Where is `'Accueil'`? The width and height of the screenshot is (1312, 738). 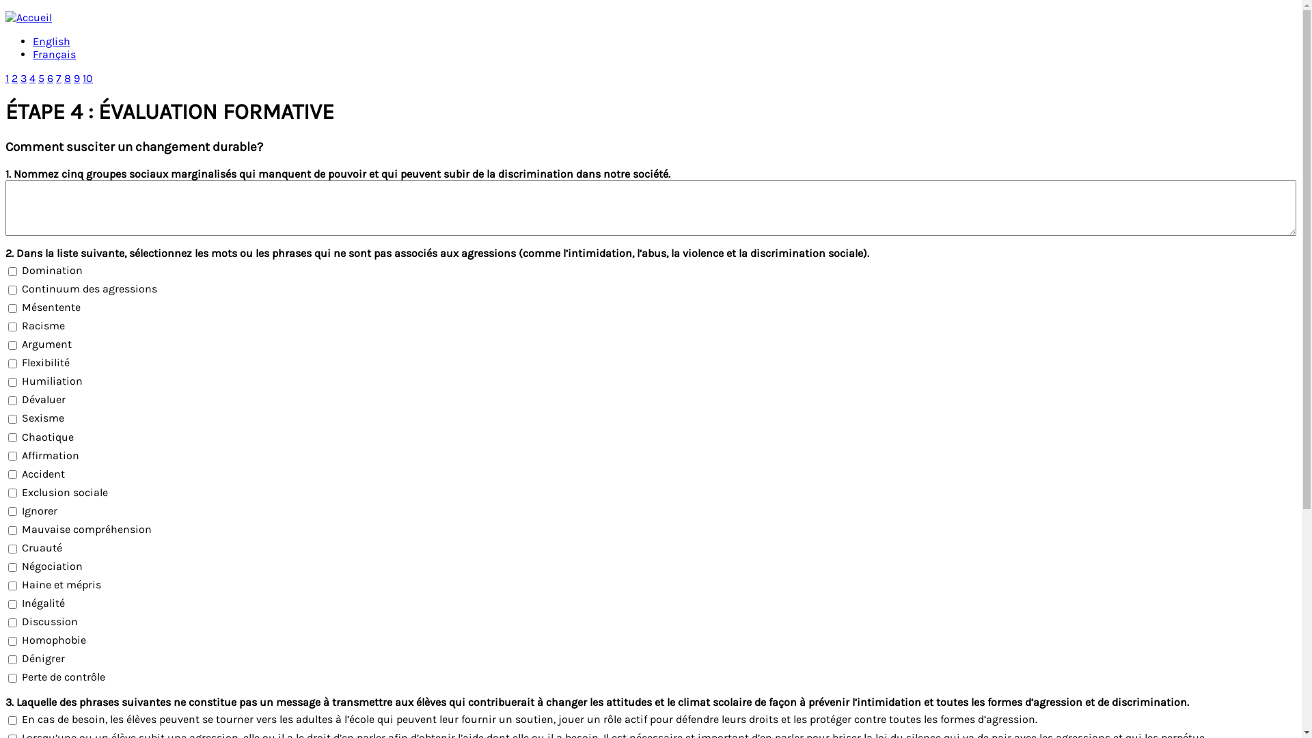
'Accueil' is located at coordinates (29, 17).